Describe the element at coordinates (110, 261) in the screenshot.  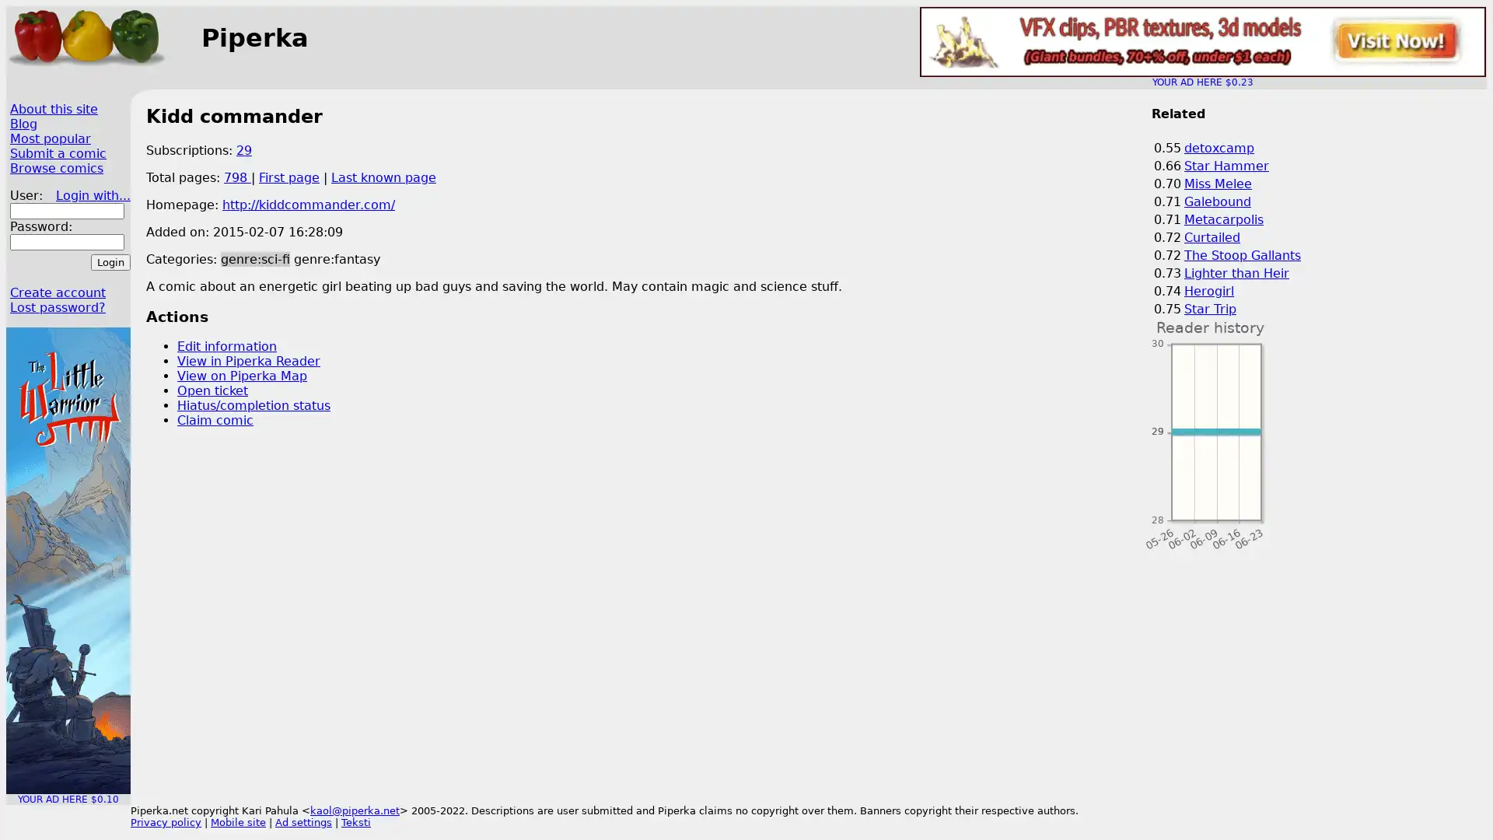
I see `Login` at that location.